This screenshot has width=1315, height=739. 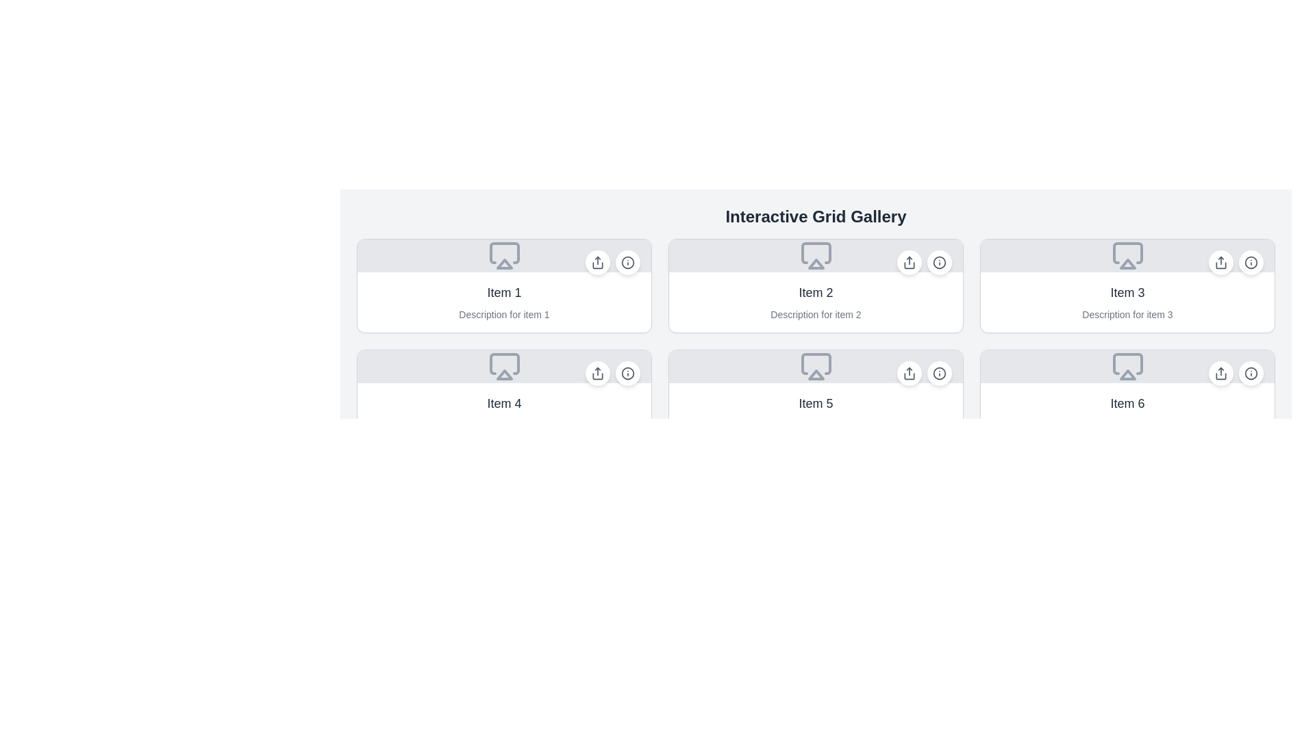 What do you see at coordinates (503, 396) in the screenshot?
I see `information presented in the Card component for 'Item 4', which is located in the left column of the second row in a grid layout` at bounding box center [503, 396].